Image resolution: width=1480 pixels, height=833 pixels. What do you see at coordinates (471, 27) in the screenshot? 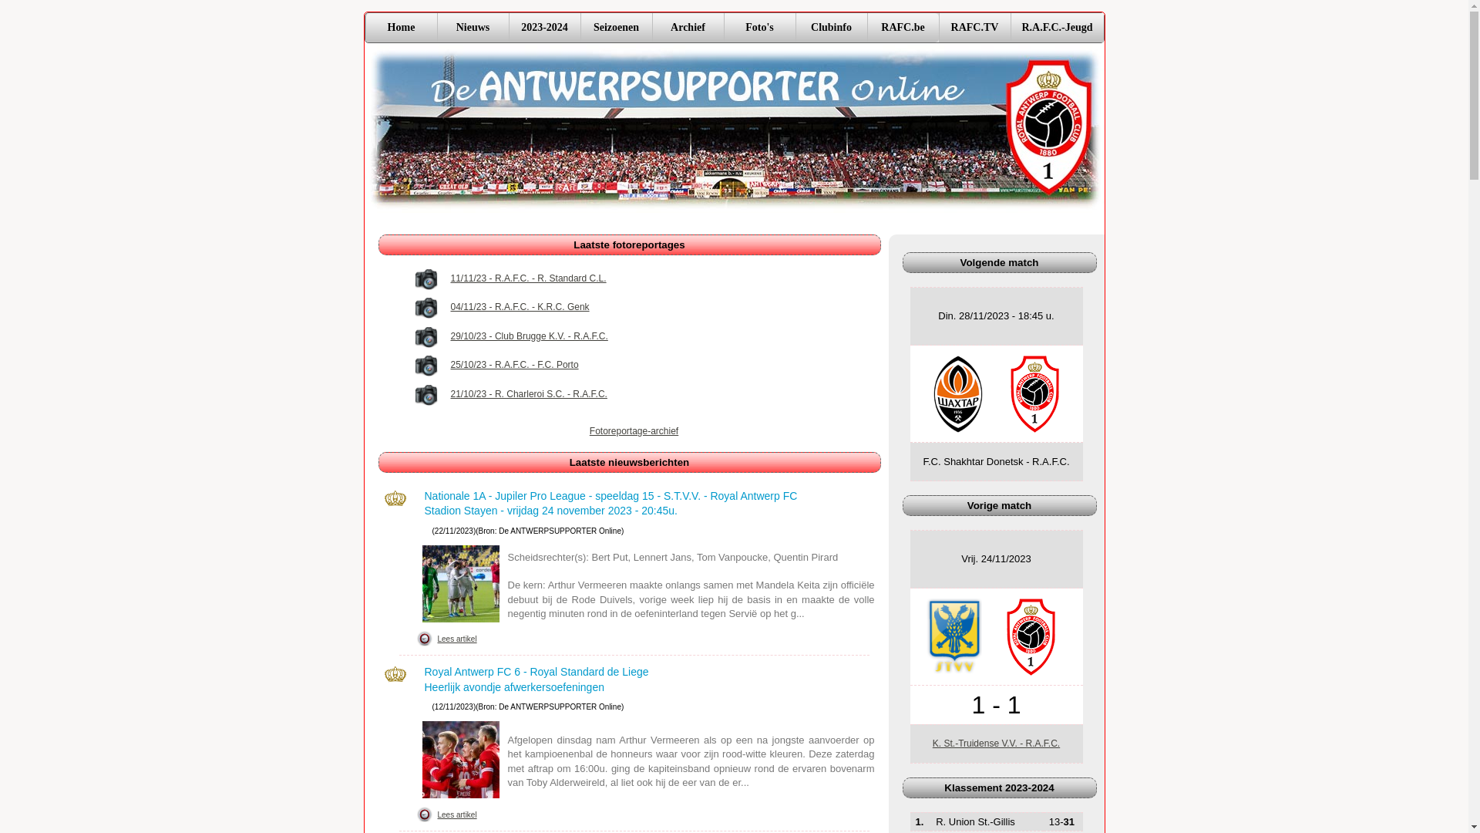
I see `'Nieuws'` at bounding box center [471, 27].